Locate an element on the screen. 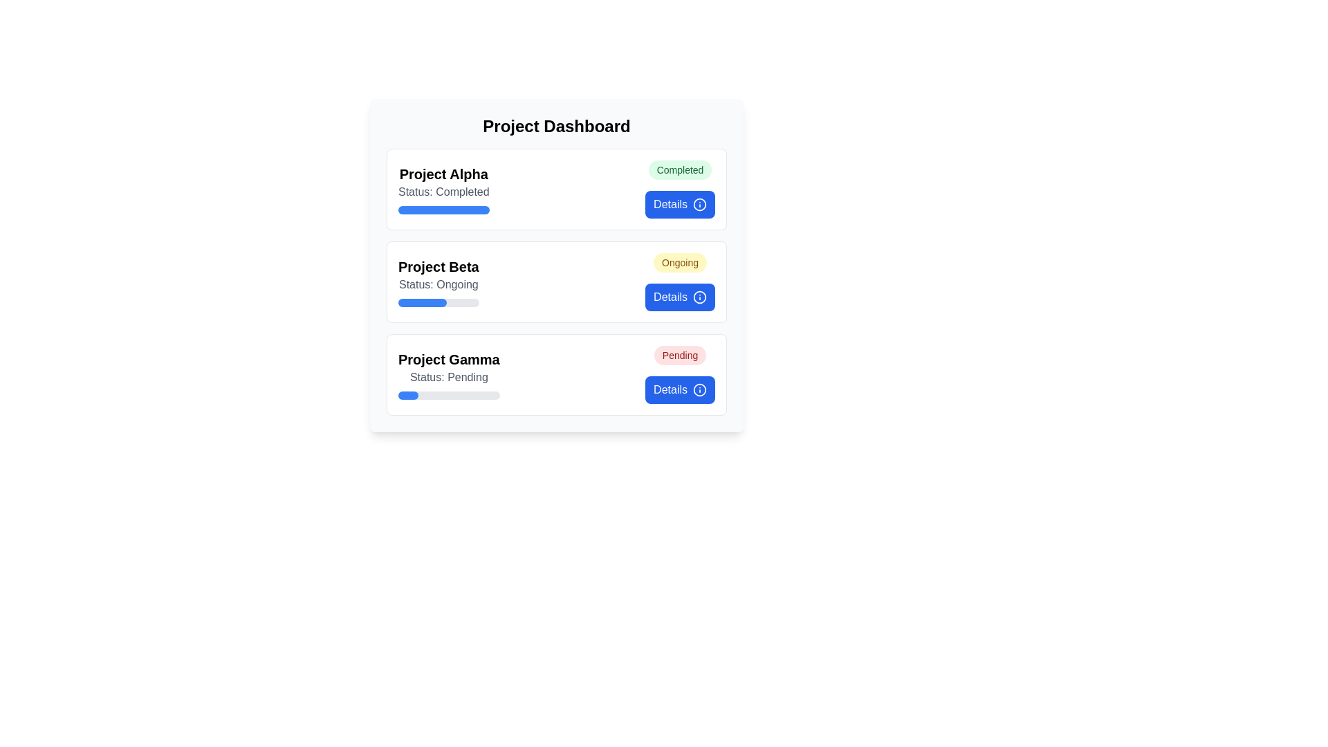 The image size is (1328, 747). the second 'Details' button in the vertical list of project statuses to observe the hover effects is located at coordinates (680, 296).